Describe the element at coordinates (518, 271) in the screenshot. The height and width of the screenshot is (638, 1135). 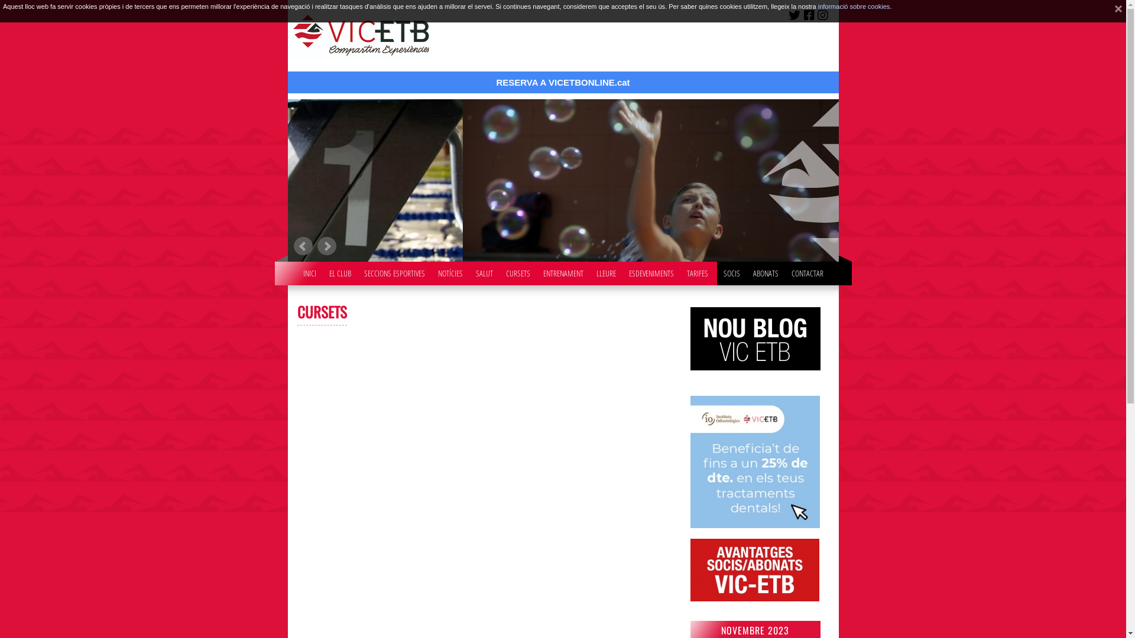
I see `'CURSETS'` at that location.